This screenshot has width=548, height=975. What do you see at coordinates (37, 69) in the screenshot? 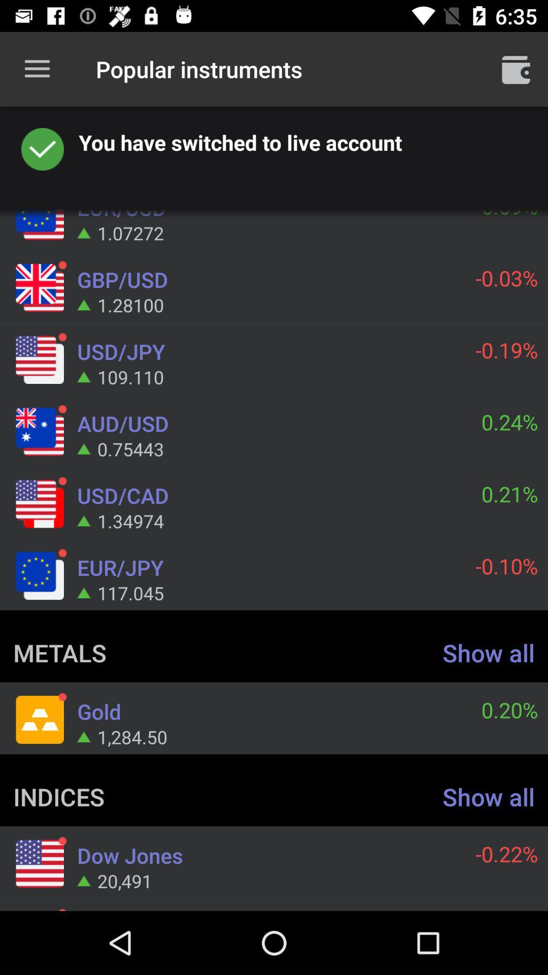
I see `the item above the currencies` at bounding box center [37, 69].